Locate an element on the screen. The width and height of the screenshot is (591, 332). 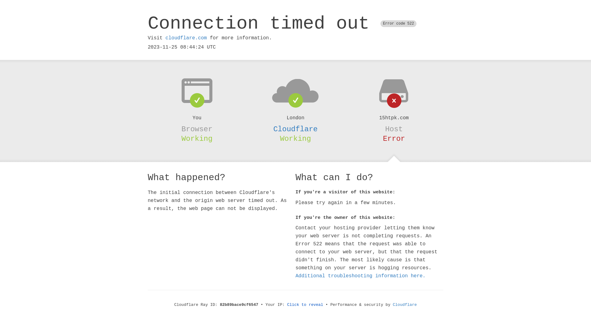
'Cloudflare' is located at coordinates (405, 305).